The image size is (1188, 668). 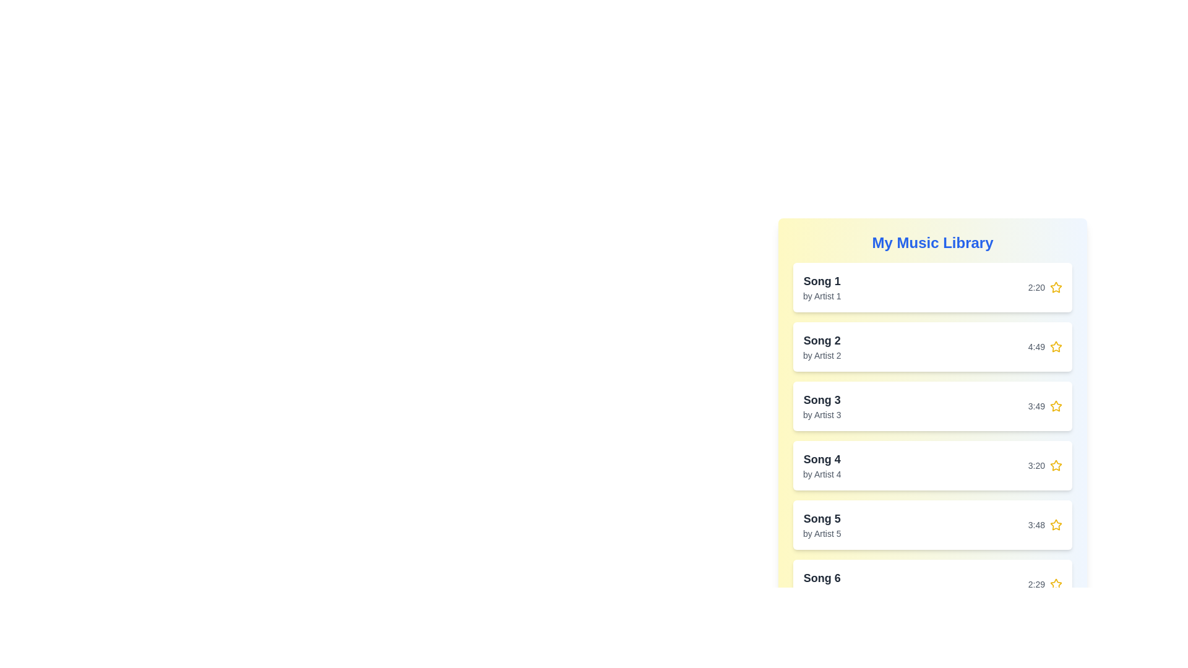 I want to click on the favorite icon located on the rightmost side of the 'Song 1' list item, so click(x=1056, y=287).